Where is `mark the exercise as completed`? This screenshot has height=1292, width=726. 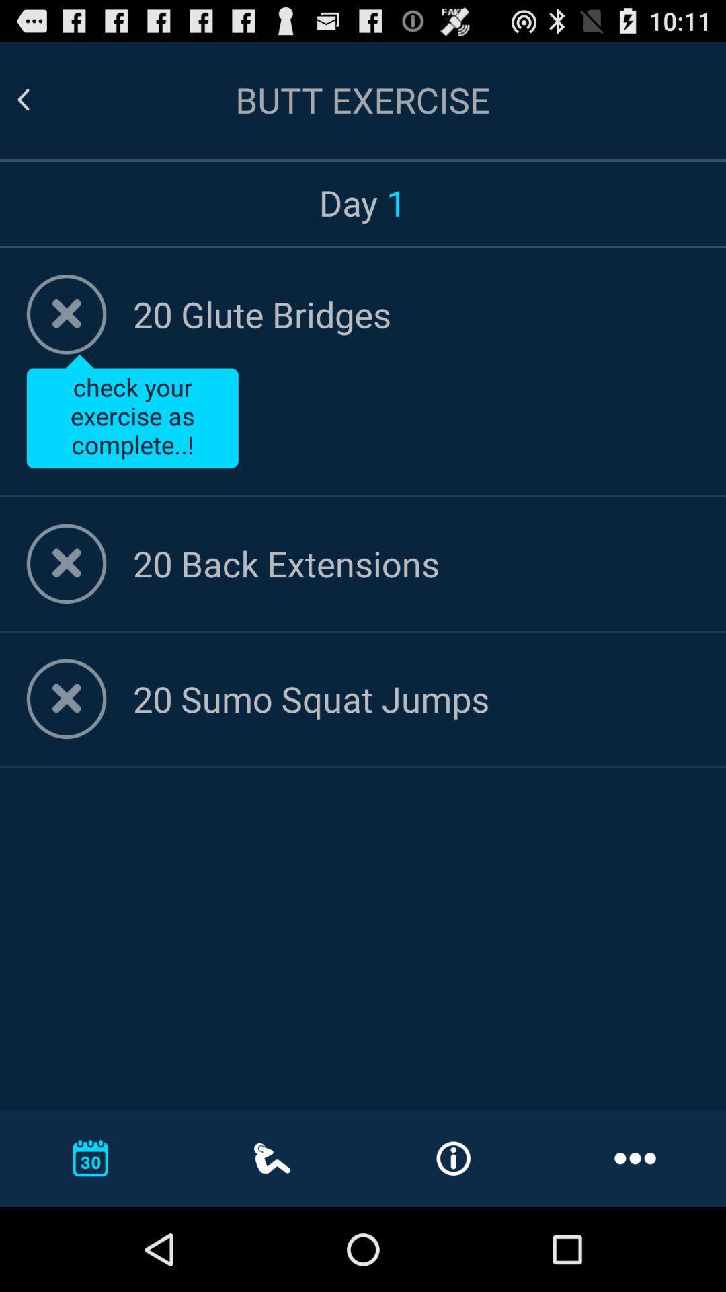
mark the exercise as completed is located at coordinates (67, 698).